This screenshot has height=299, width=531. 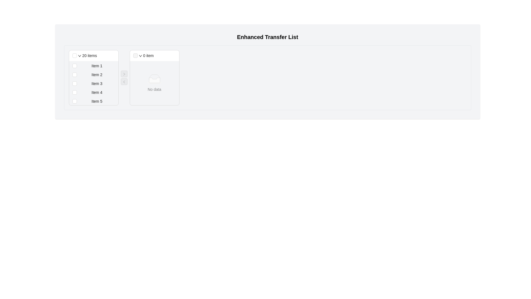 What do you see at coordinates (97, 92) in the screenshot?
I see `the fourth item in the left transfer list, which is positioned directly below 'Item 3' and above 'Item 5'` at bounding box center [97, 92].